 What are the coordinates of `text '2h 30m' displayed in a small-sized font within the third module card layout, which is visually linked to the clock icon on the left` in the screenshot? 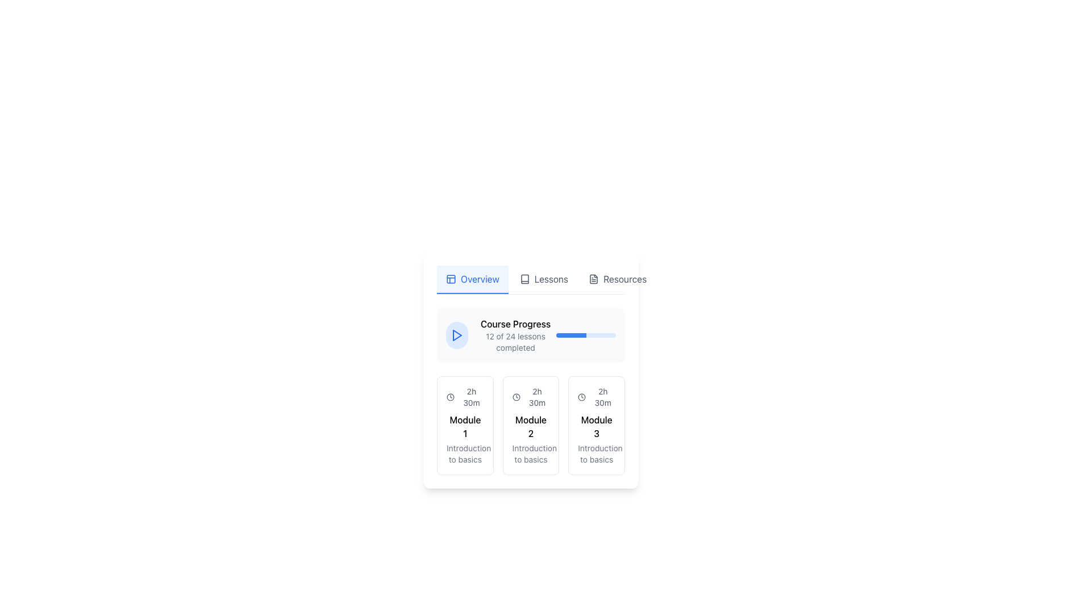 It's located at (602, 396).